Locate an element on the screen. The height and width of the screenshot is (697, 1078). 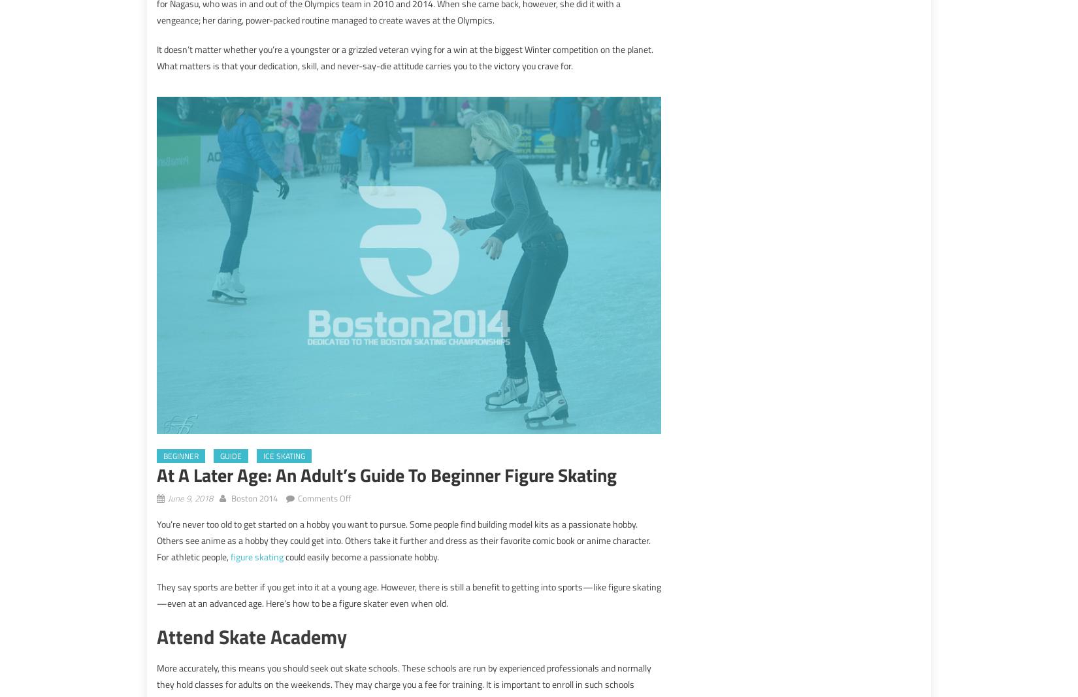
'They say sports are better if you get into it at a young age. However, there is still a benefit to getting into sports—like figure skating—even at an advanced age. Here’s how to be a figure skater even when old.' is located at coordinates (157, 594).